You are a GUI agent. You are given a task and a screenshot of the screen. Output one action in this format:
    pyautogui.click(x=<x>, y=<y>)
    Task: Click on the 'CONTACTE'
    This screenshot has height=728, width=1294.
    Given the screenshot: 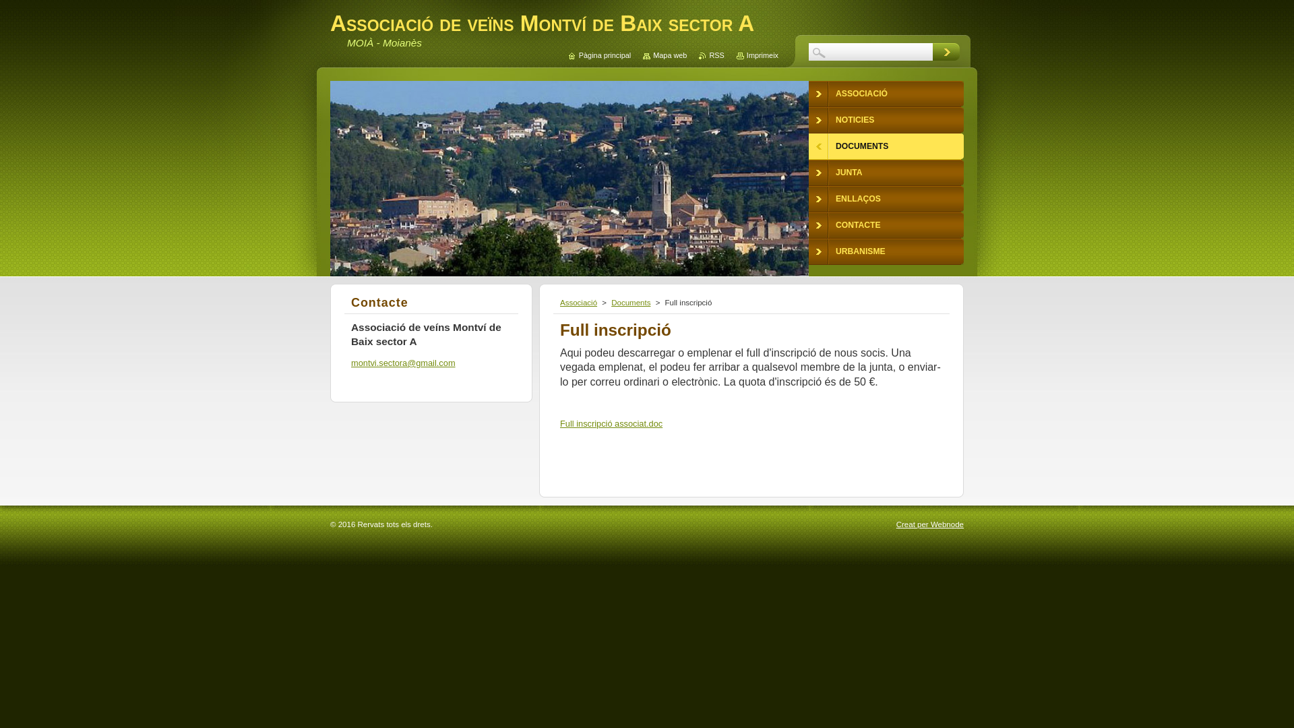 What is the action you would take?
    pyautogui.click(x=886, y=224)
    